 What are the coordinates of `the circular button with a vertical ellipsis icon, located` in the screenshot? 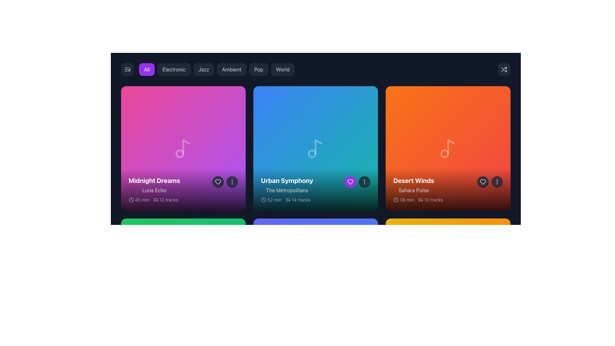 It's located at (232, 182).